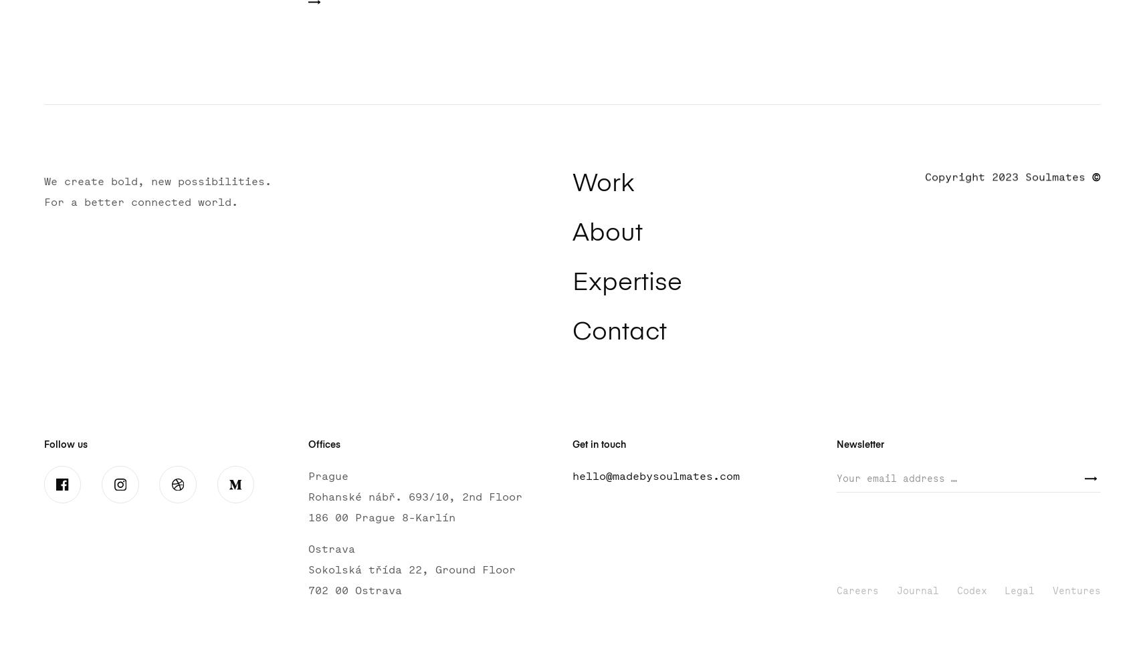  What do you see at coordinates (625, 282) in the screenshot?
I see `'Expertise'` at bounding box center [625, 282].